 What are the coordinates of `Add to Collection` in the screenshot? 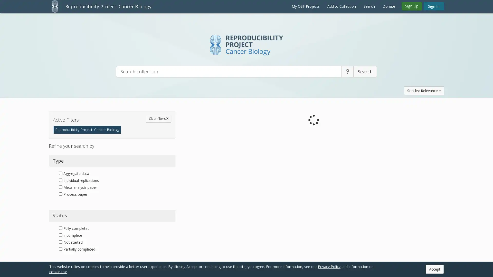 It's located at (342, 6).